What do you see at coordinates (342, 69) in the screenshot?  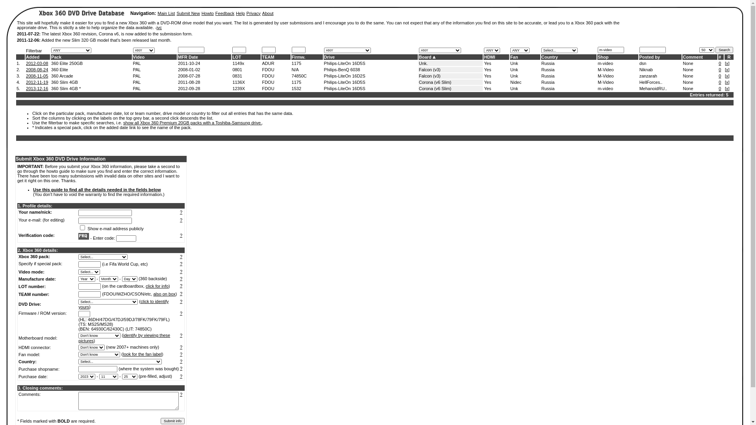 I see `'Philips-BenQ 6038'` at bounding box center [342, 69].